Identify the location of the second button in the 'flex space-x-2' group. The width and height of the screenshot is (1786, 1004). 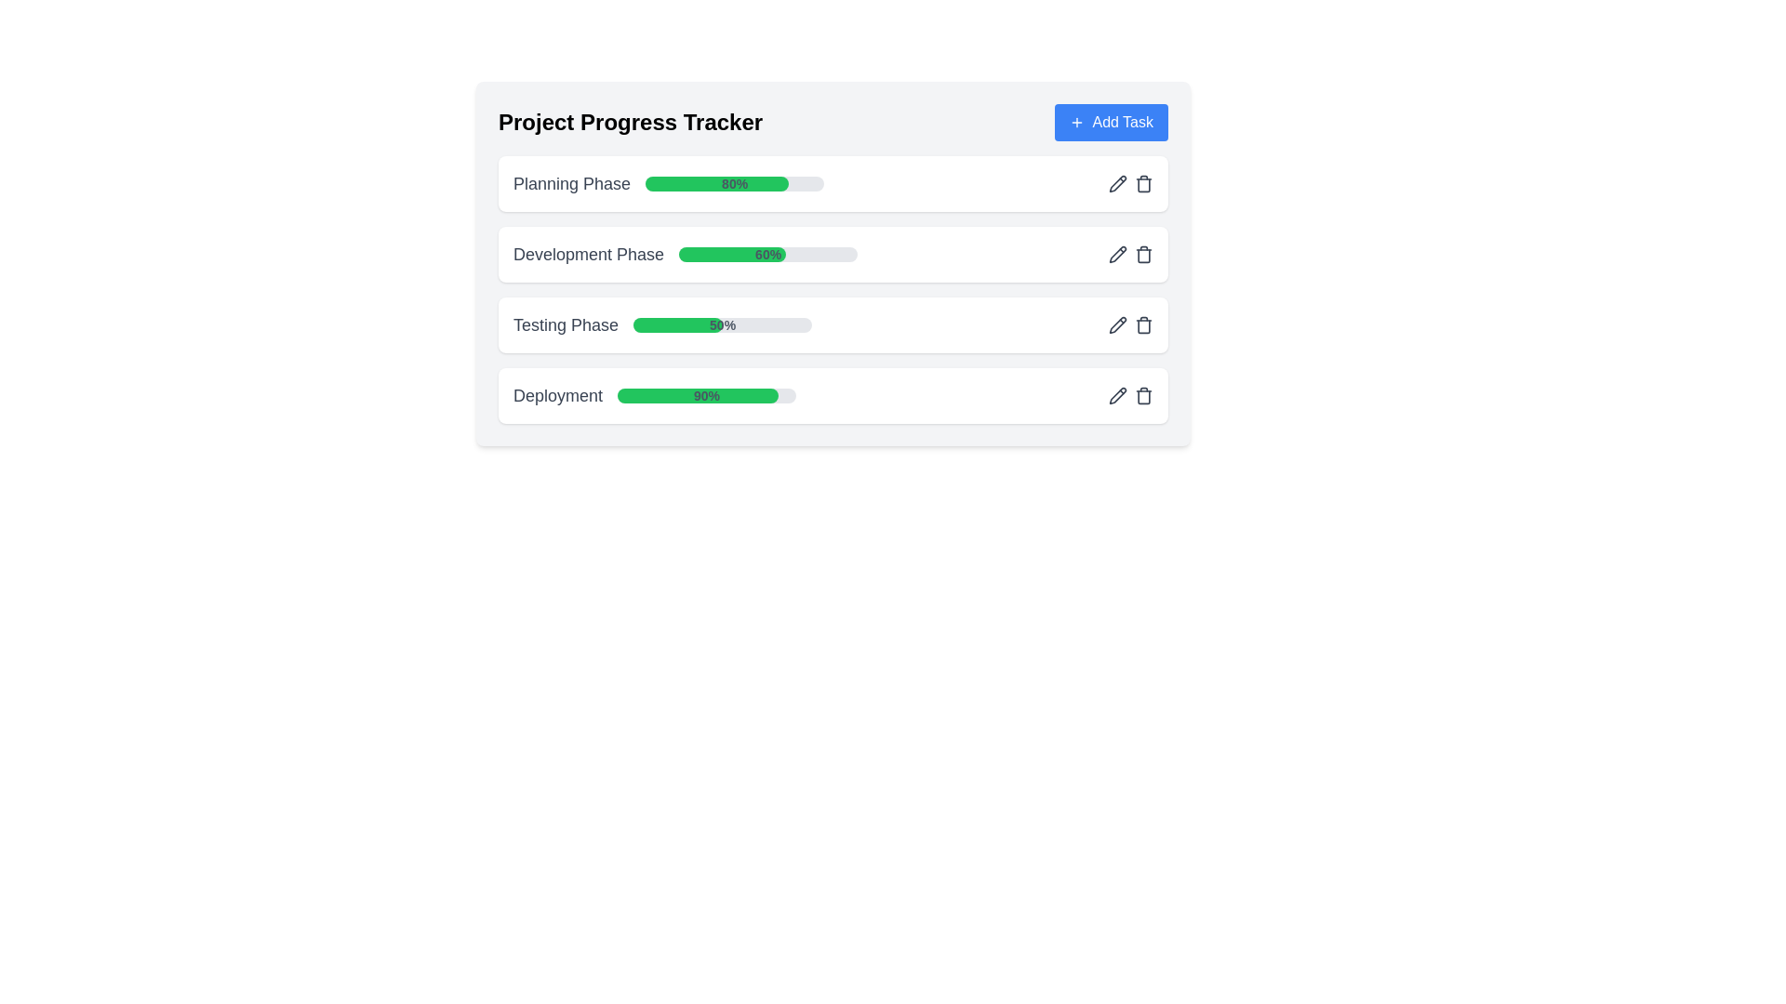
(1142, 324).